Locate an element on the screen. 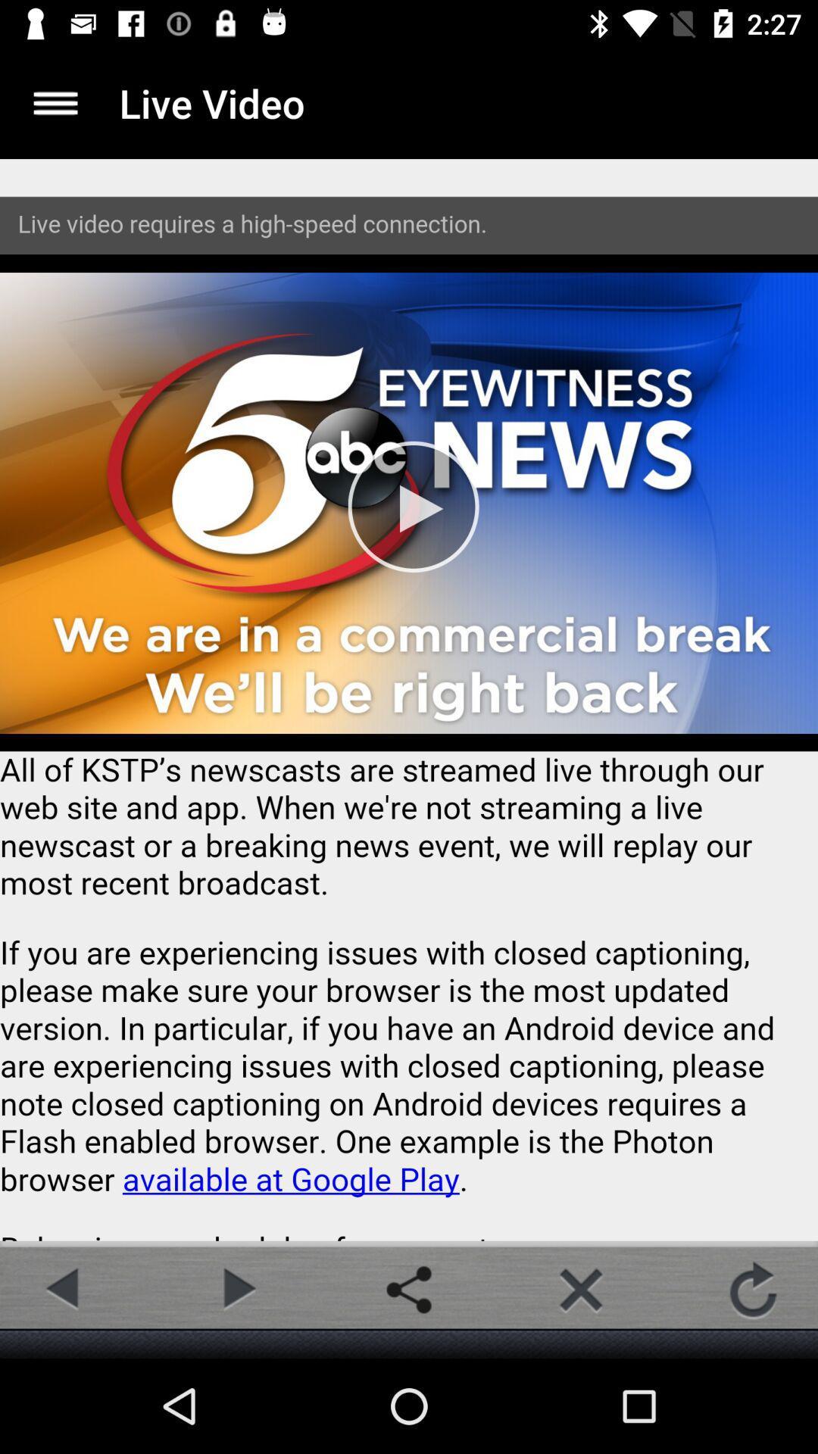  play is located at coordinates (236, 1289).